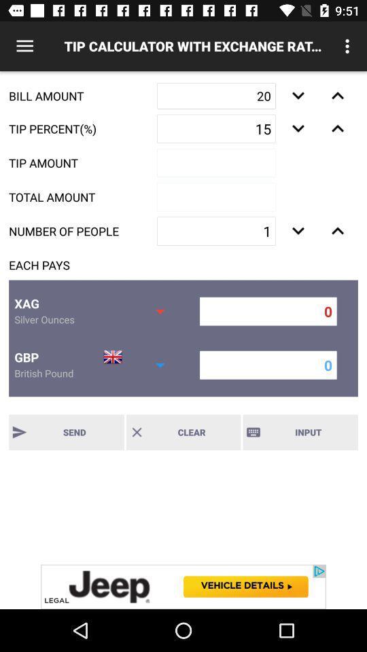 The image size is (367, 652). Describe the element at coordinates (297, 128) in the screenshot. I see `increasing number` at that location.